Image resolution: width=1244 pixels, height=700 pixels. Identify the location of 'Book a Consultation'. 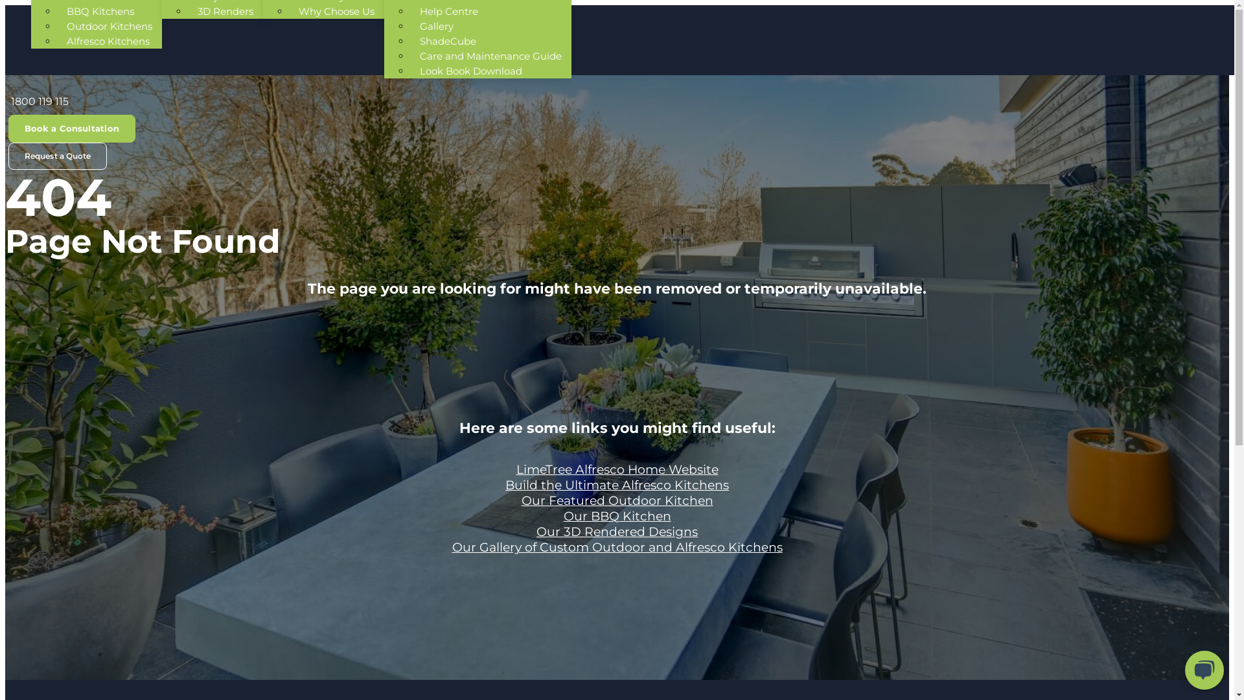
(71, 128).